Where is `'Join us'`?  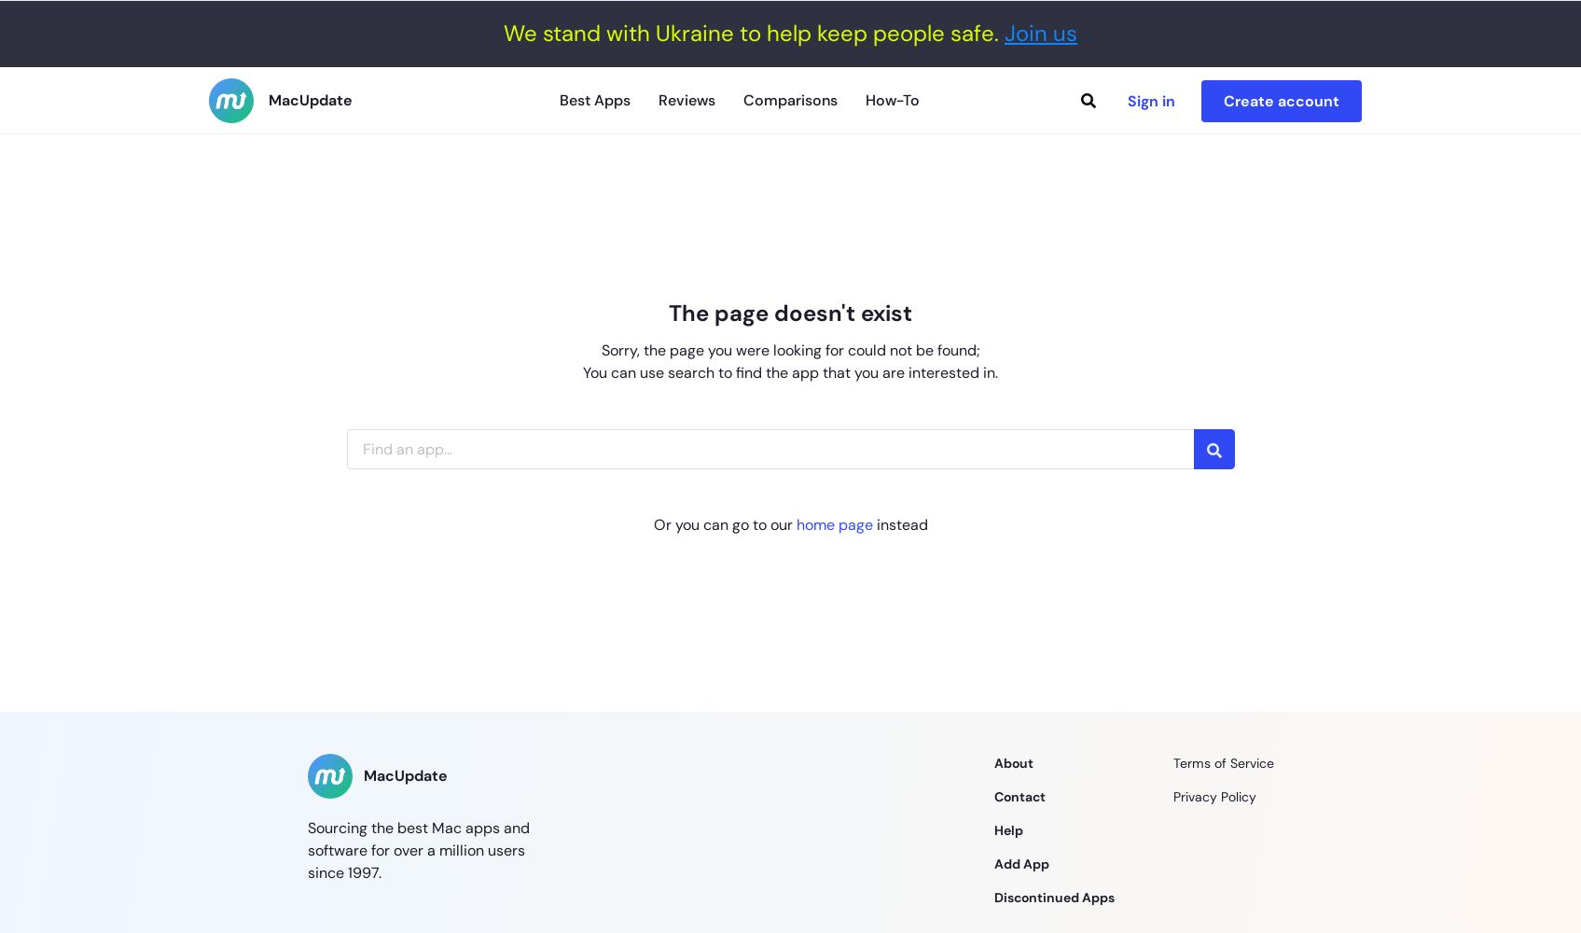
'Join us' is located at coordinates (1039, 33).